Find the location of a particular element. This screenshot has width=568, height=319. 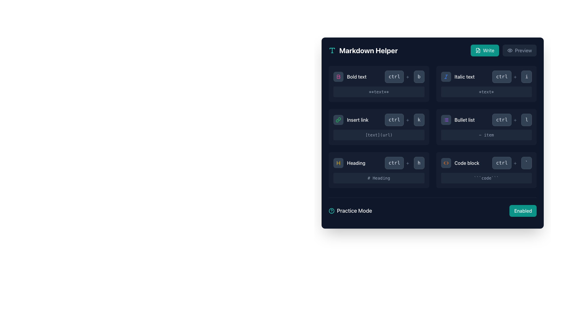

the label or text display located in the lower-right corner of the grid layout, which is associated with the Markdown Helper functionality is located at coordinates (467, 163).